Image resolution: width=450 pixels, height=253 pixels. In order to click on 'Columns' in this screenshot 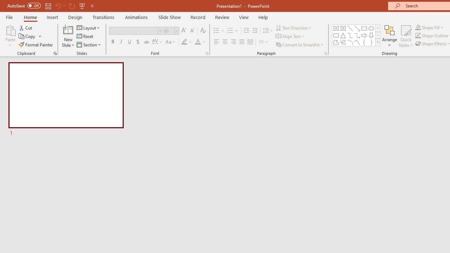, I will do `click(263, 42)`.